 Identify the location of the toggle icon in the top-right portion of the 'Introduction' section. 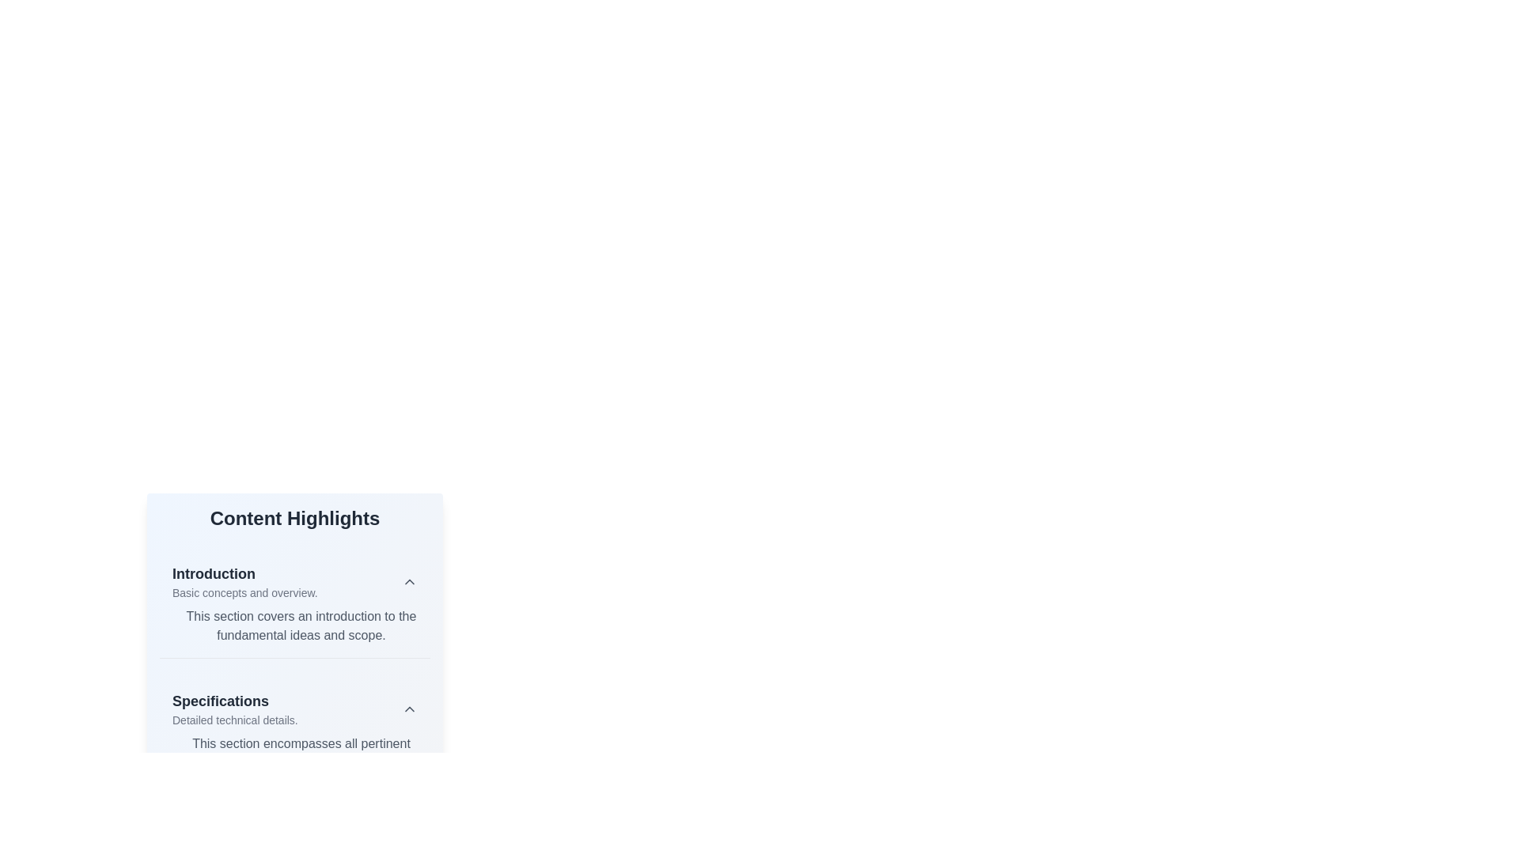
(410, 582).